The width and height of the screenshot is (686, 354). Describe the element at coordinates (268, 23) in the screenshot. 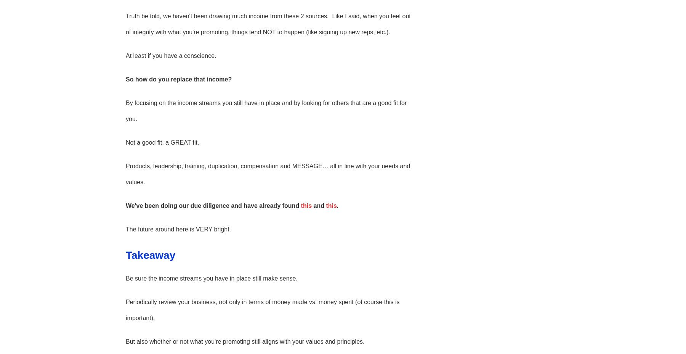

I see `'Truth be told, we haven't been drawing much income from these 2 sources.  Like I said, when you feel out of integrity with what you're promoting, things tend NOT to happen (like signing up new reps, etc.).'` at that location.